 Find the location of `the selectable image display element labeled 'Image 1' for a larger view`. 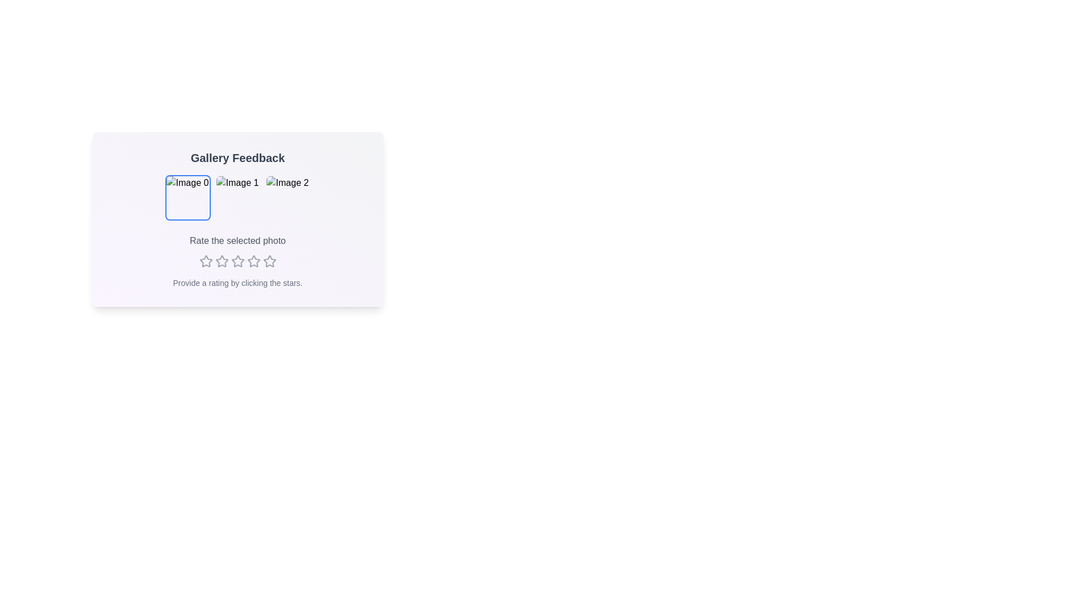

the selectable image display element labeled 'Image 1' for a larger view is located at coordinates (237, 197).